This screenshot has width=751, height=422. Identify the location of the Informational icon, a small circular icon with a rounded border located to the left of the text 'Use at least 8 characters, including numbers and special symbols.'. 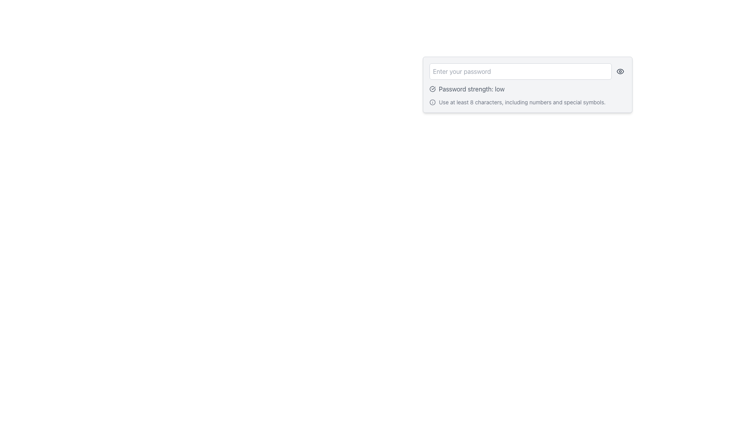
(432, 102).